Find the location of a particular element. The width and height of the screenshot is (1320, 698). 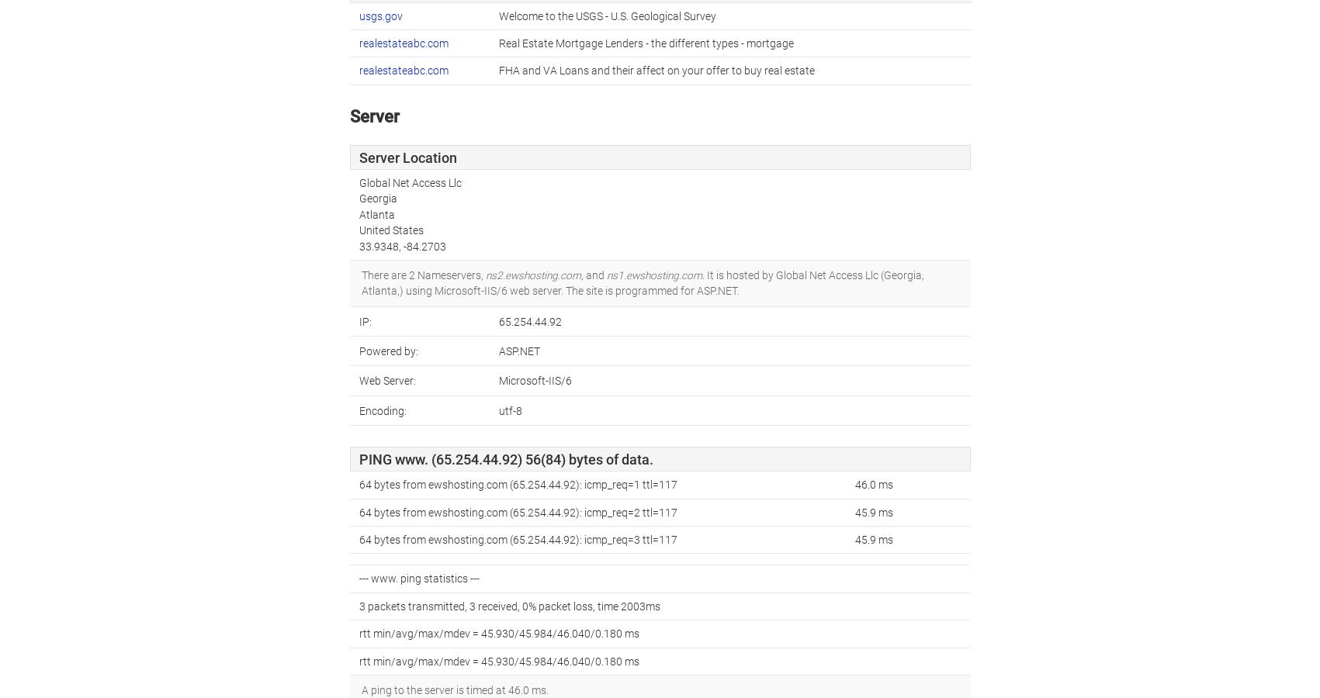

'FHA and VA Loans and their affect on your offer to buy real estate' is located at coordinates (656, 69).